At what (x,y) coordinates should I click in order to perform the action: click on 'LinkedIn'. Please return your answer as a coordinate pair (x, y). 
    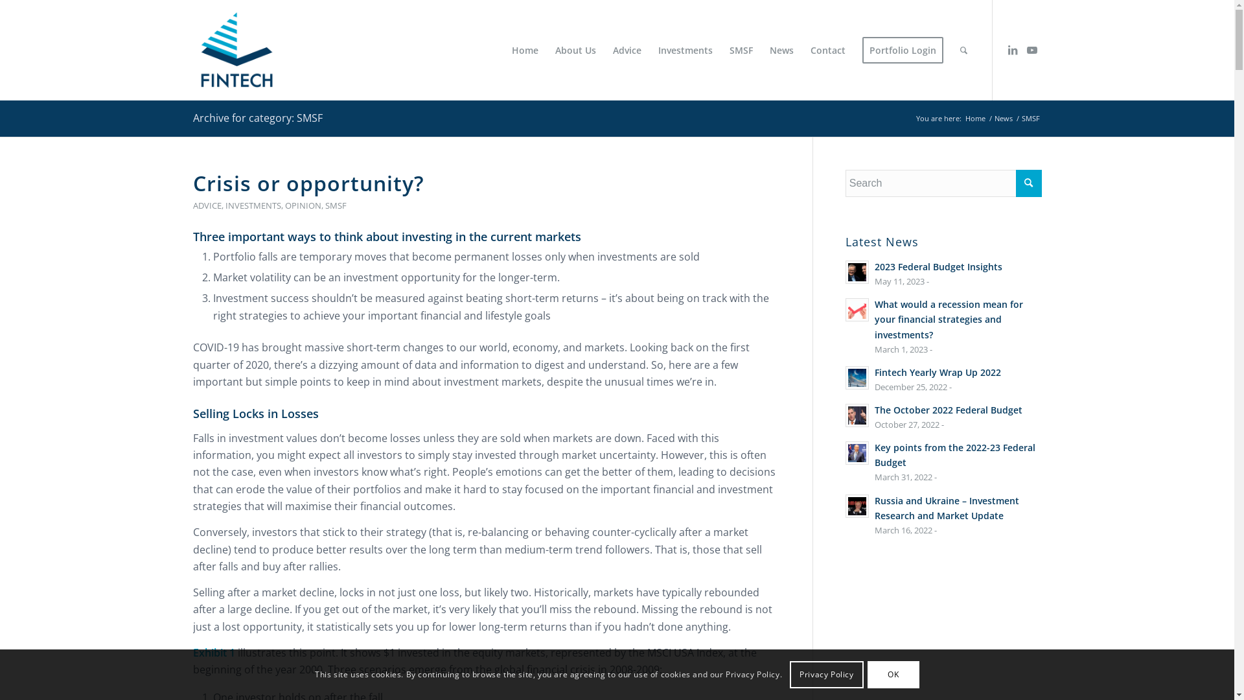
    Looking at the image, I should click on (1012, 49).